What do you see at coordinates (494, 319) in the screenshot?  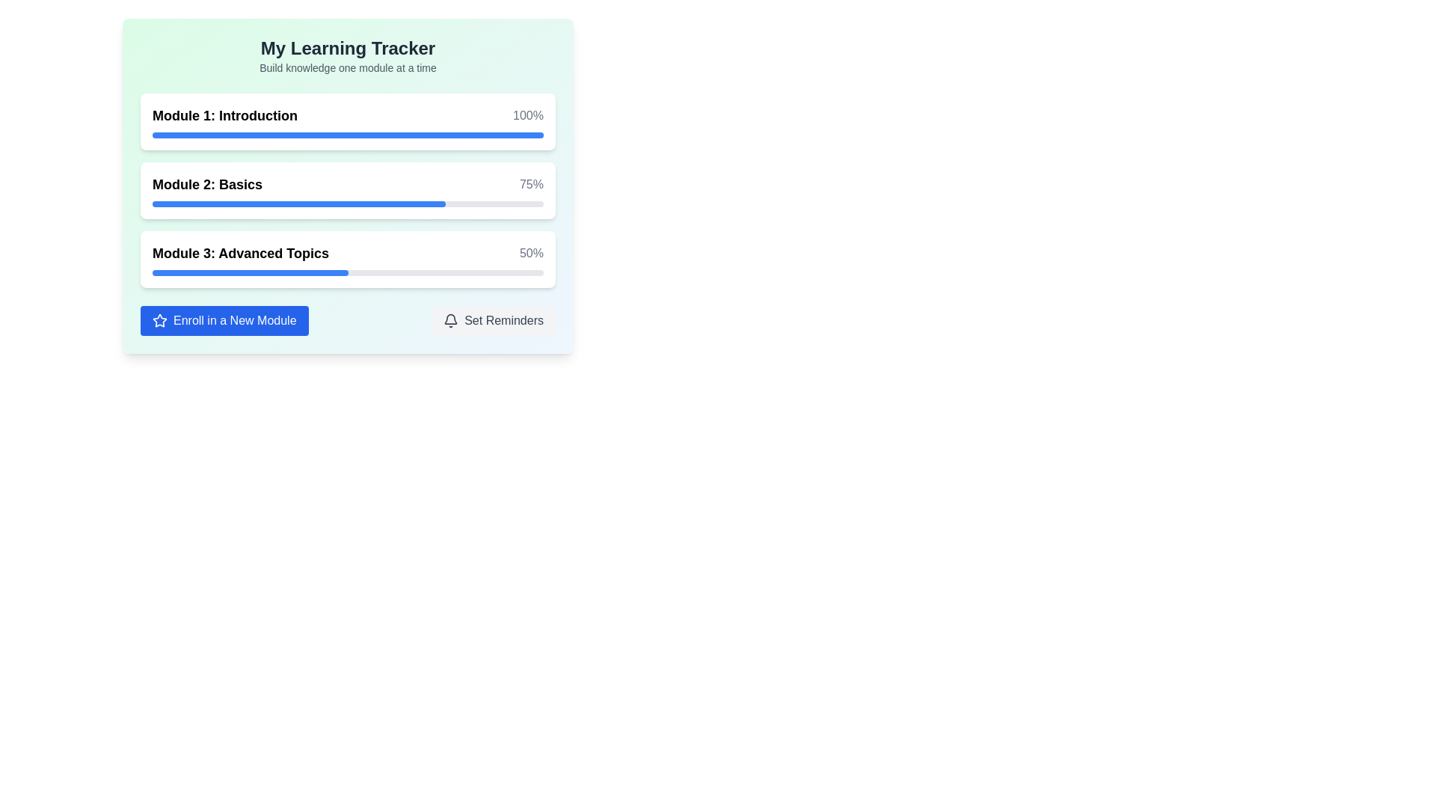 I see `the reminder setting button located to the right of the 'Enroll in a New Module' button` at bounding box center [494, 319].